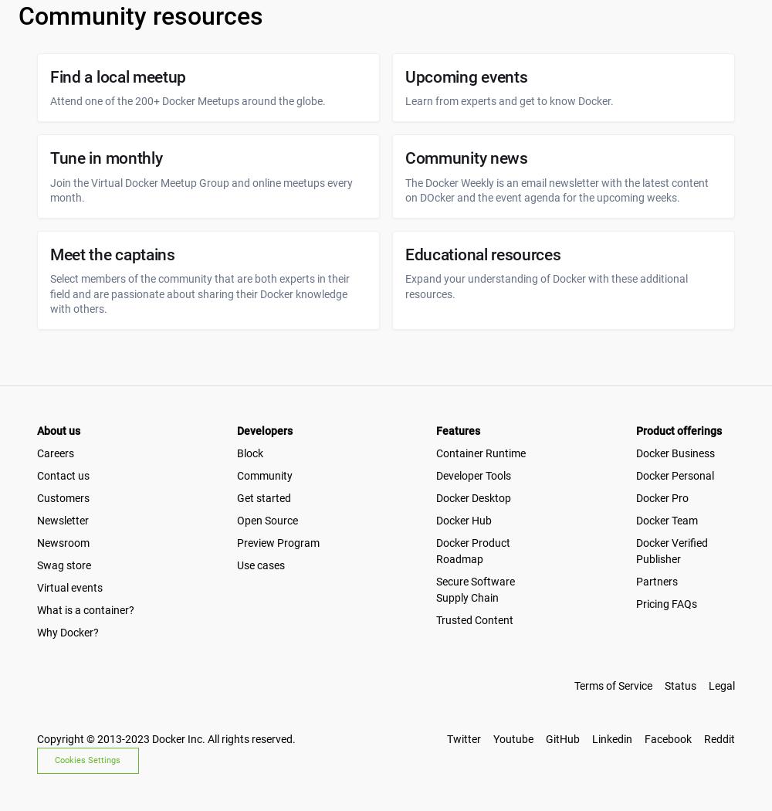  What do you see at coordinates (58, 430) in the screenshot?
I see `'About us'` at bounding box center [58, 430].